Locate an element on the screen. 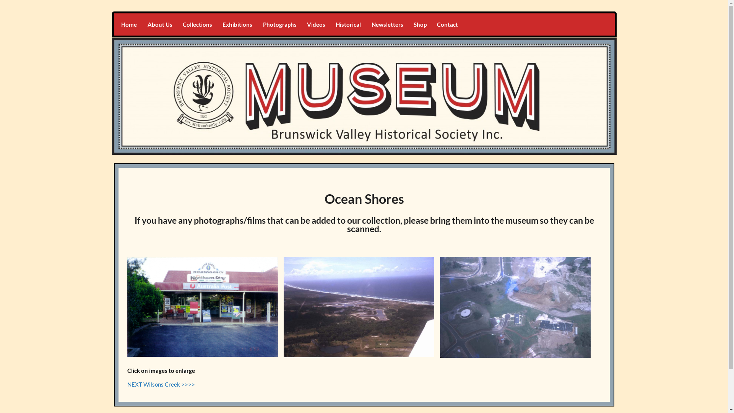 The image size is (734, 413). 'NEXT Wilsons Creek >>>>' is located at coordinates (127, 384).